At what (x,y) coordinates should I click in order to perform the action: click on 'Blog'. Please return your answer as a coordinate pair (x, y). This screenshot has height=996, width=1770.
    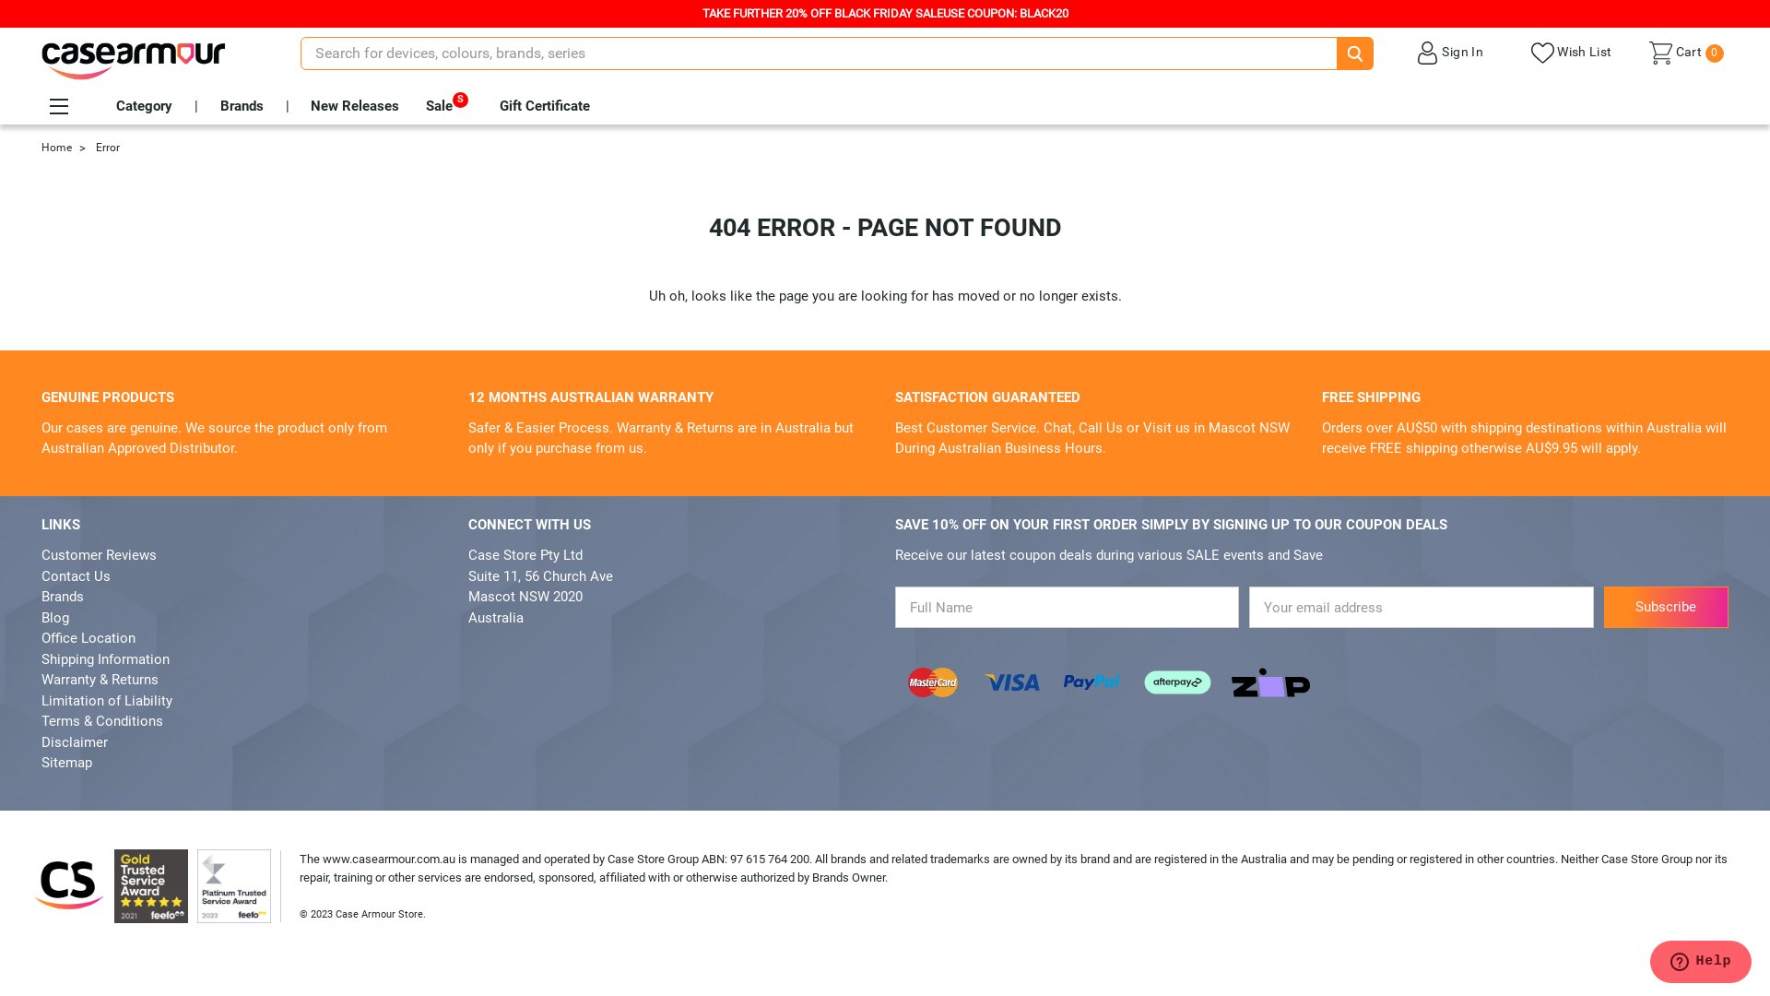
    Looking at the image, I should click on (41, 618).